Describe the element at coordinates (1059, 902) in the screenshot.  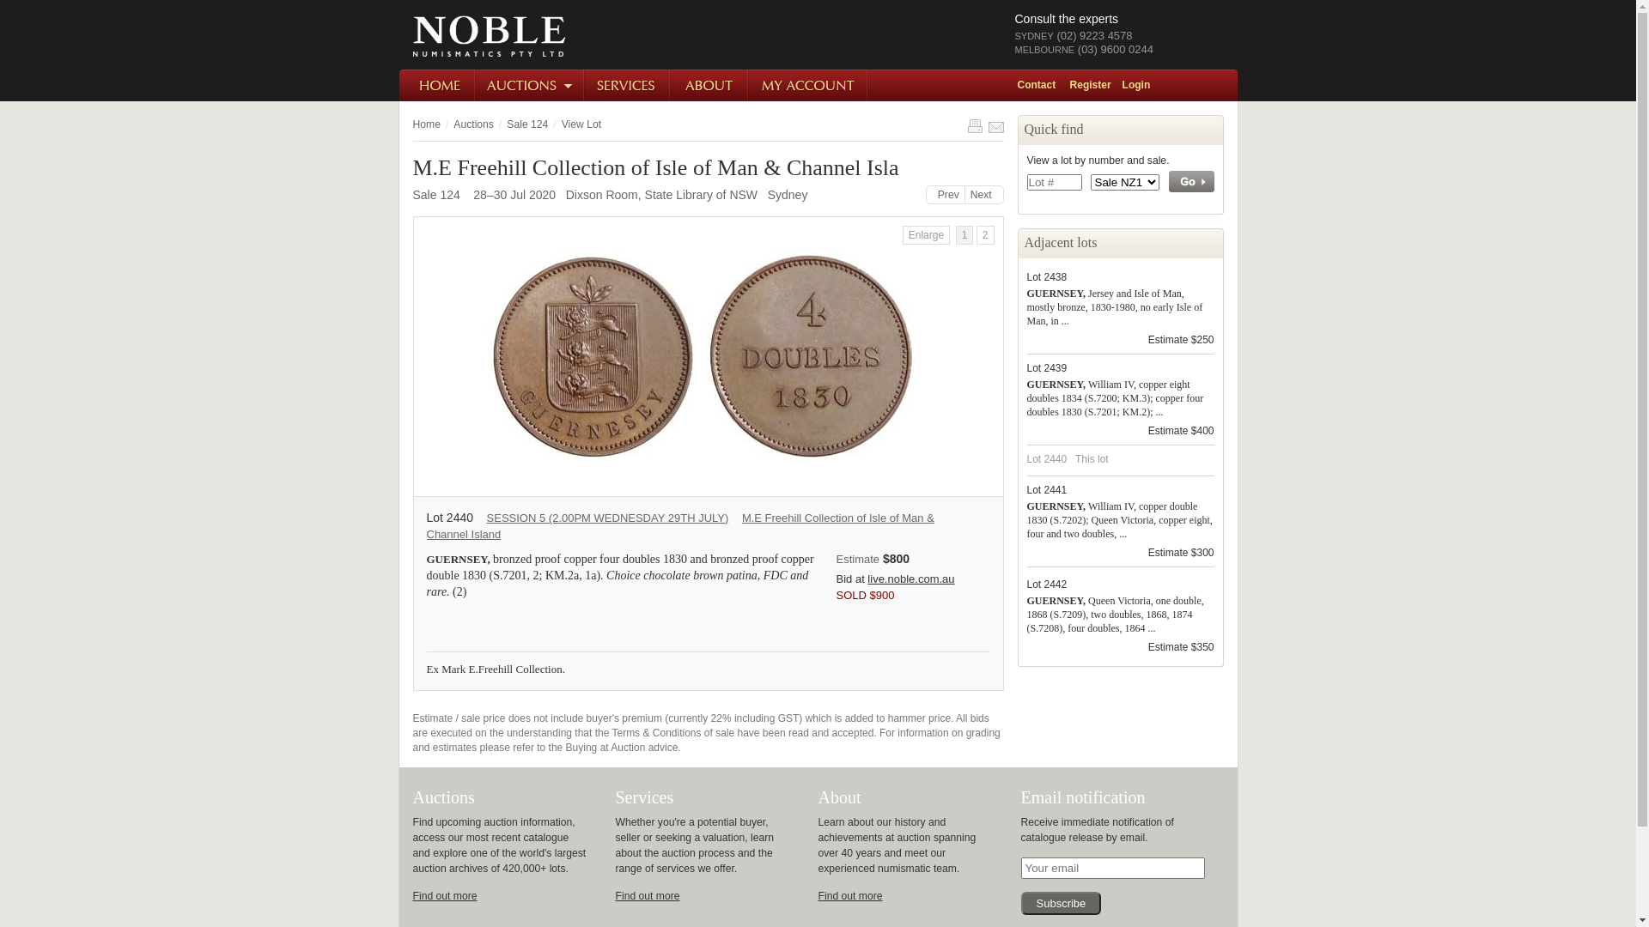
I see `'Subscribe'` at that location.